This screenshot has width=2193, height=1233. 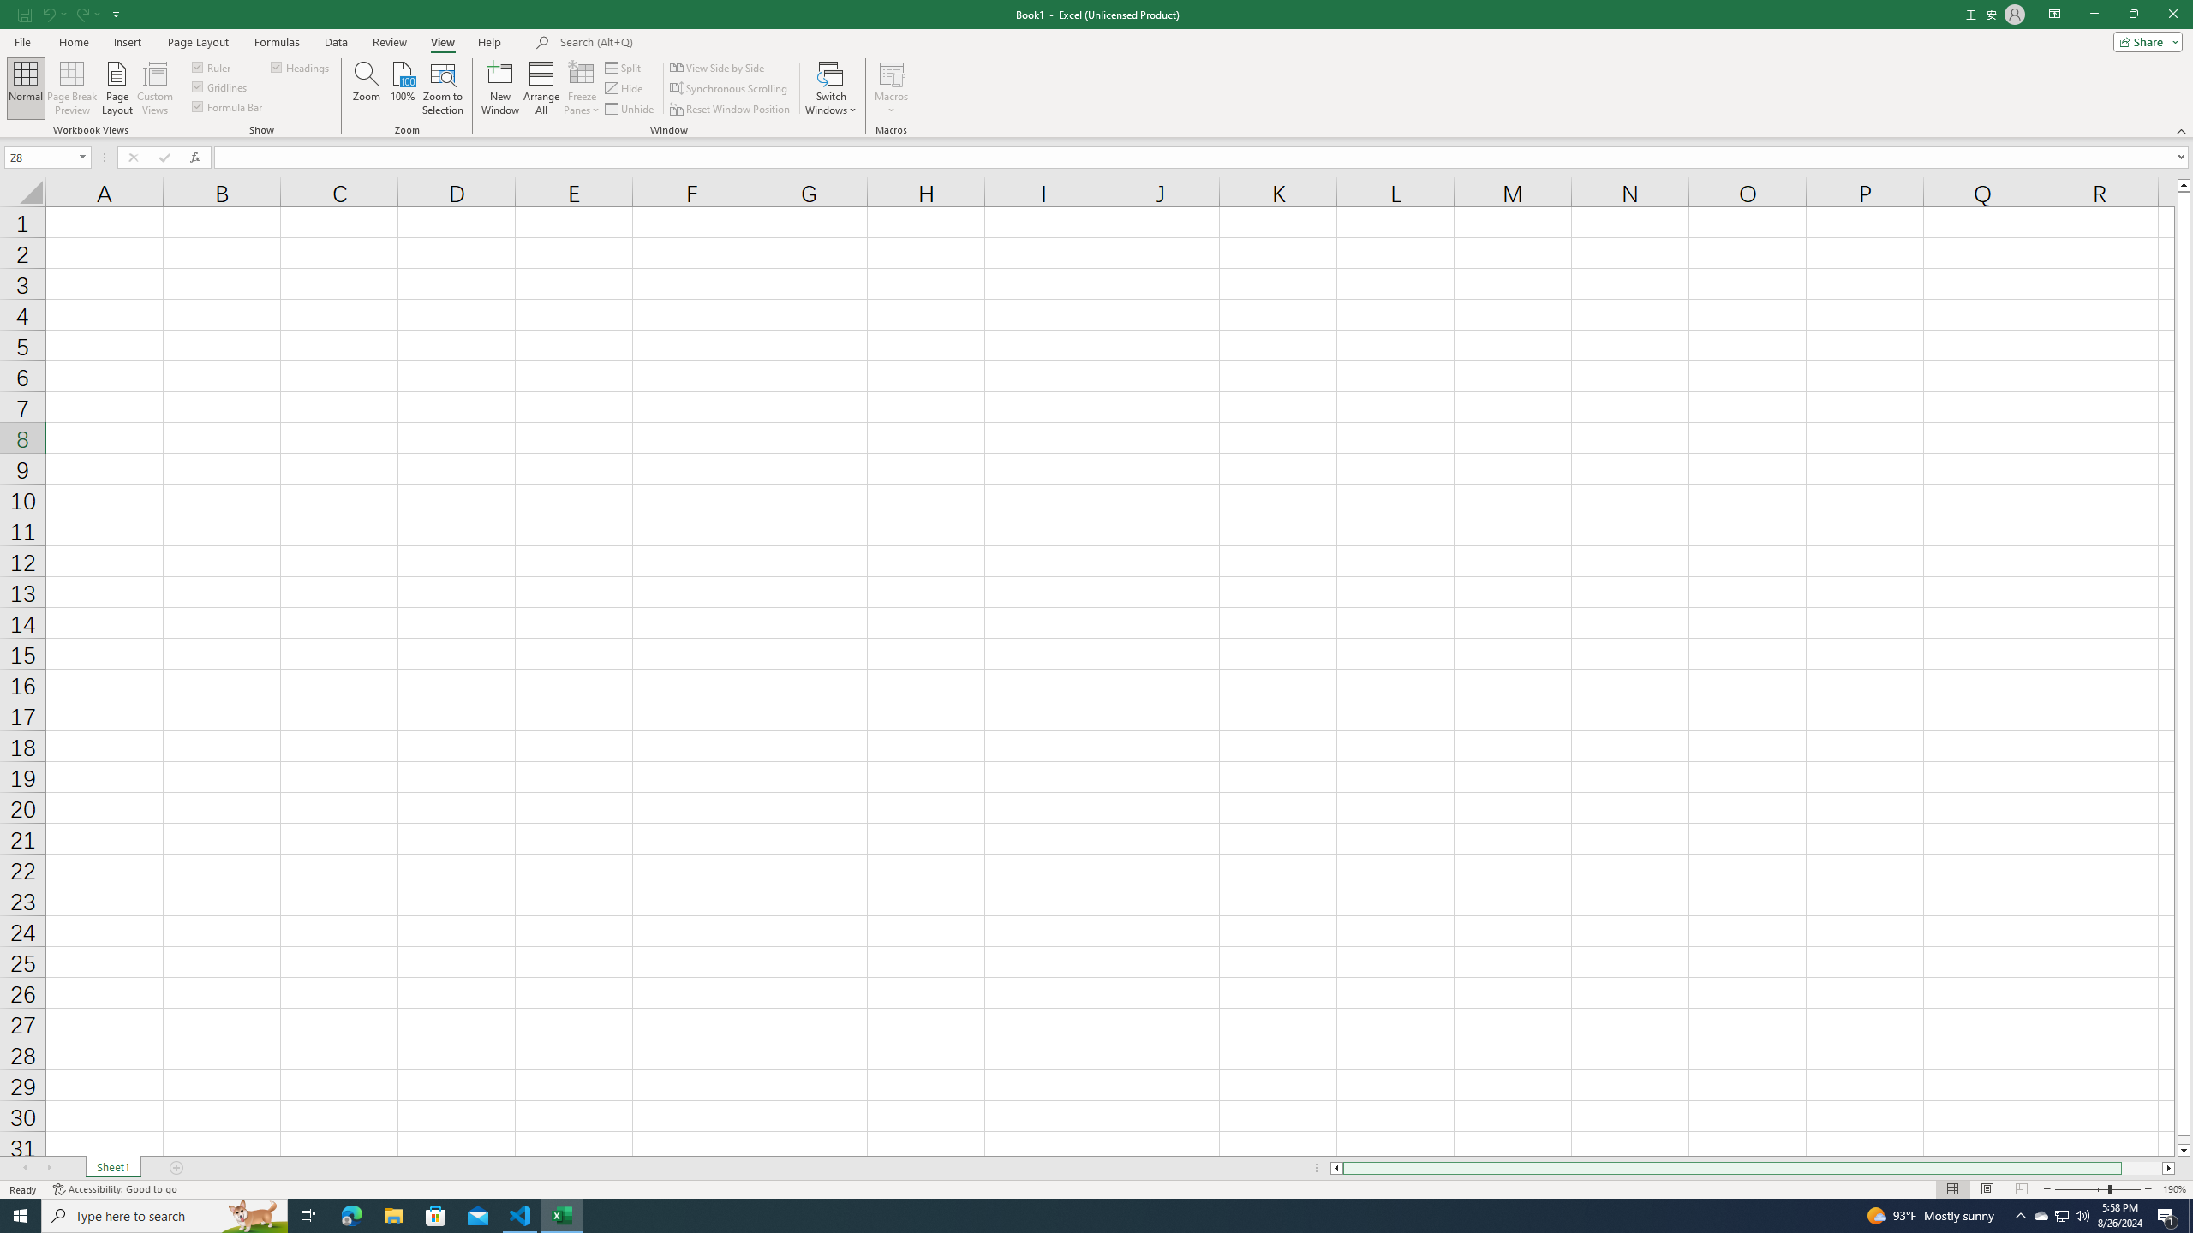 What do you see at coordinates (366, 88) in the screenshot?
I see `'Zoom...'` at bounding box center [366, 88].